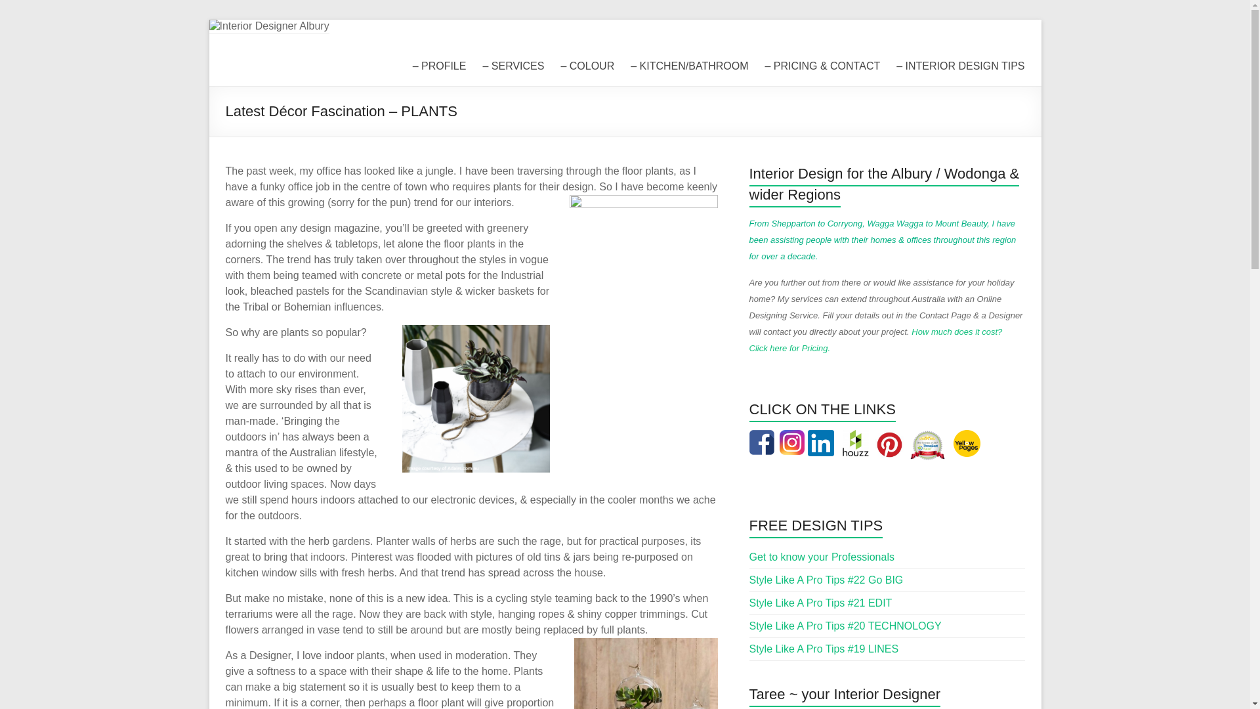 Image resolution: width=1260 pixels, height=709 pixels. Describe the element at coordinates (749, 579) in the screenshot. I see `'Style Like A Pro Tips #22 Go BIG'` at that location.